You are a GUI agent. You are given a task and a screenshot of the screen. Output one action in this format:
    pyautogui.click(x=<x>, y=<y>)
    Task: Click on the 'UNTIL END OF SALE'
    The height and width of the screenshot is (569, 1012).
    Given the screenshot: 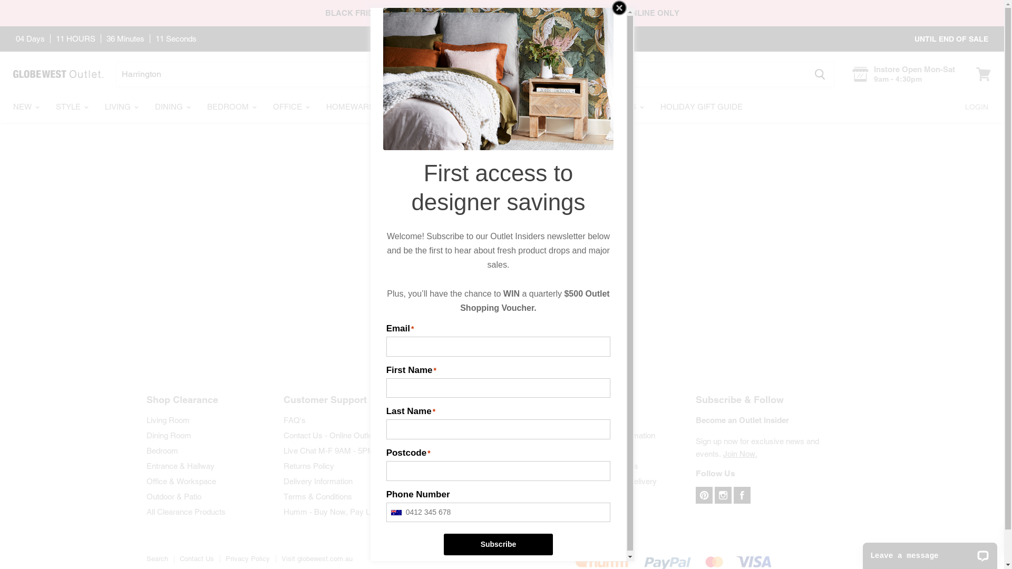 What is the action you would take?
    pyautogui.click(x=951, y=38)
    